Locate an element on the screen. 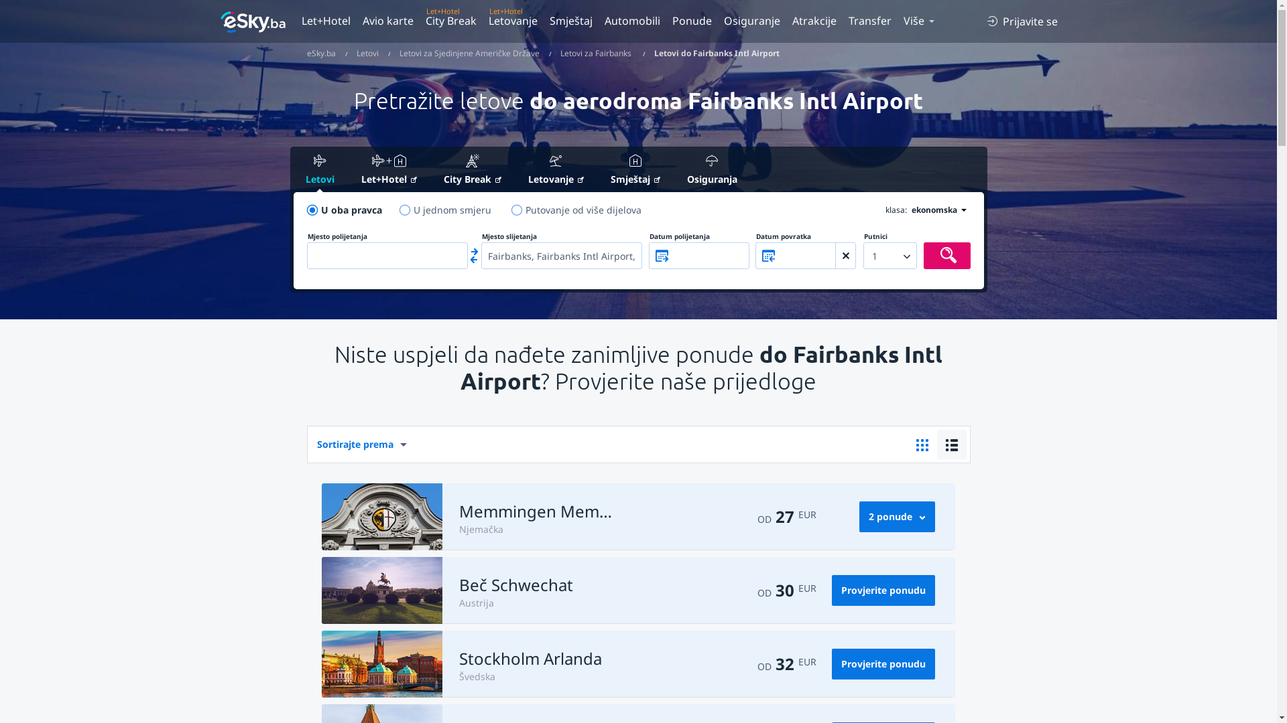 This screenshot has height=723, width=1287. 'Let+Hotel' is located at coordinates (348, 170).